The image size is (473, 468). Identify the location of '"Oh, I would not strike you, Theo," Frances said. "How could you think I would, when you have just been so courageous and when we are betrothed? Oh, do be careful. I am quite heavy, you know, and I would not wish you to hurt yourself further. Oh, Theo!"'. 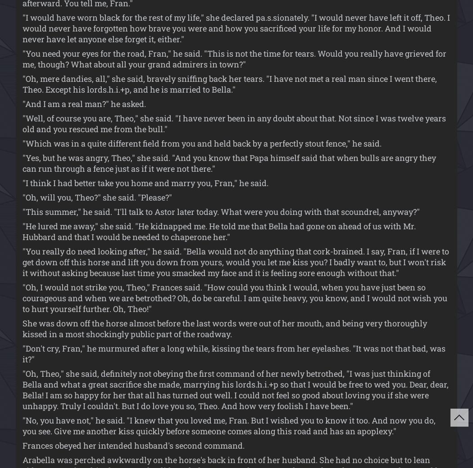
(234, 297).